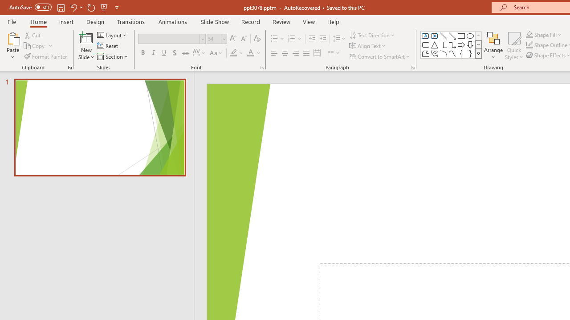 The image size is (570, 320). Describe the element at coordinates (112, 35) in the screenshot. I see `'Layout'` at that location.